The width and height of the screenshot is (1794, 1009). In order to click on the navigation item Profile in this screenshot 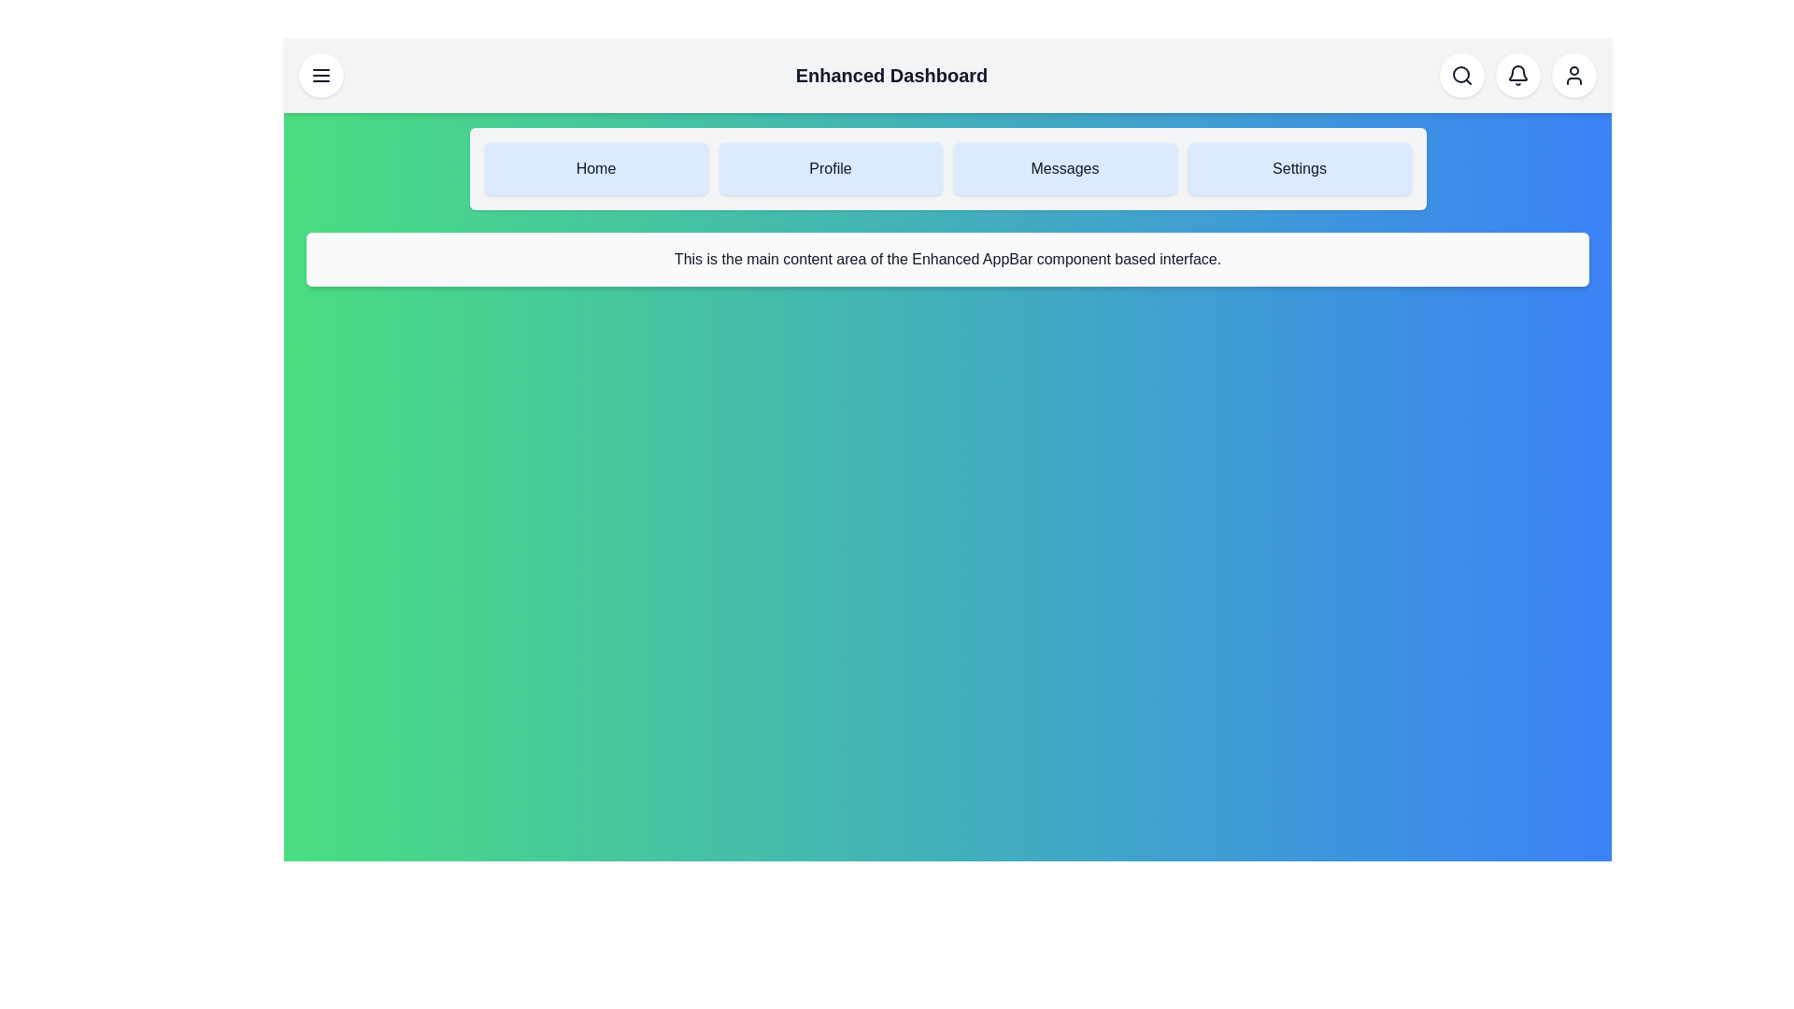, I will do `click(829, 169)`.